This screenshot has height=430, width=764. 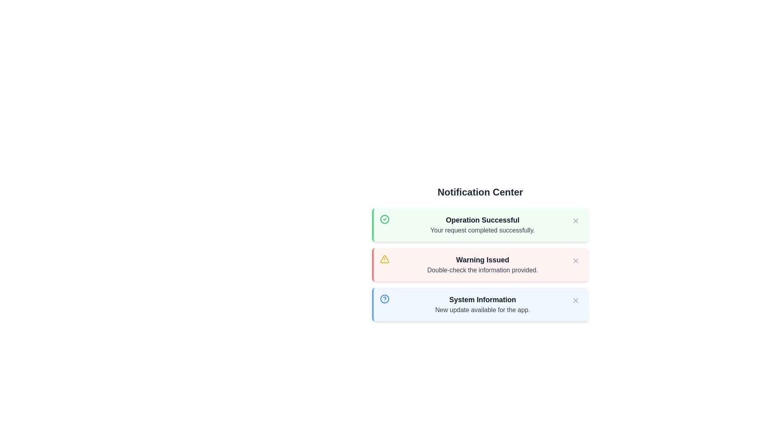 I want to click on the warning icon located on the left side of the header text within the 'Warning Issued' notification card, which indicates an alert to the user, so click(x=384, y=259).